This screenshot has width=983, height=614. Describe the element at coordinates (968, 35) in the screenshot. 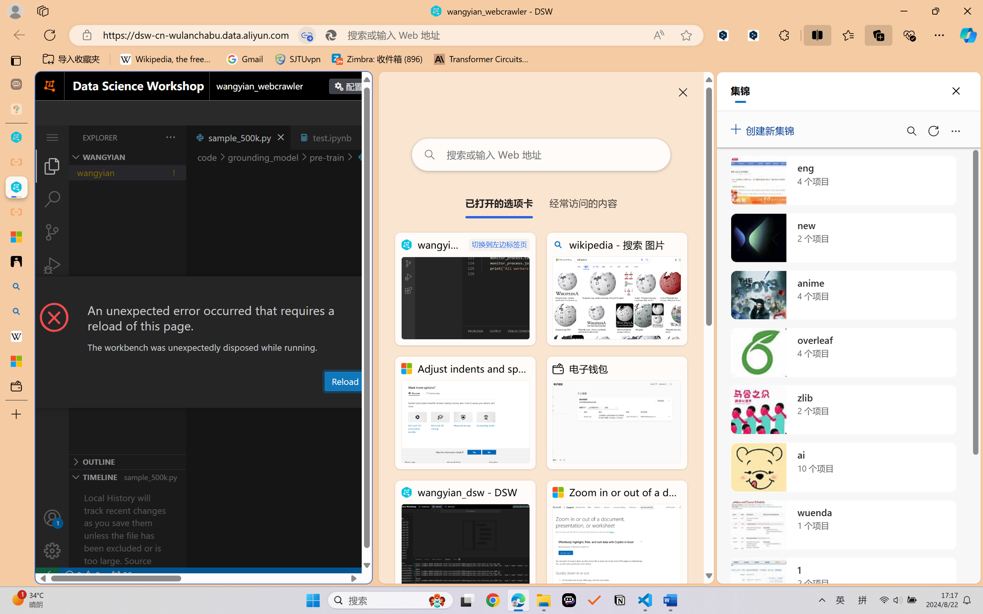

I see `'Copilot (Ctrl+Shift+.)'` at that location.